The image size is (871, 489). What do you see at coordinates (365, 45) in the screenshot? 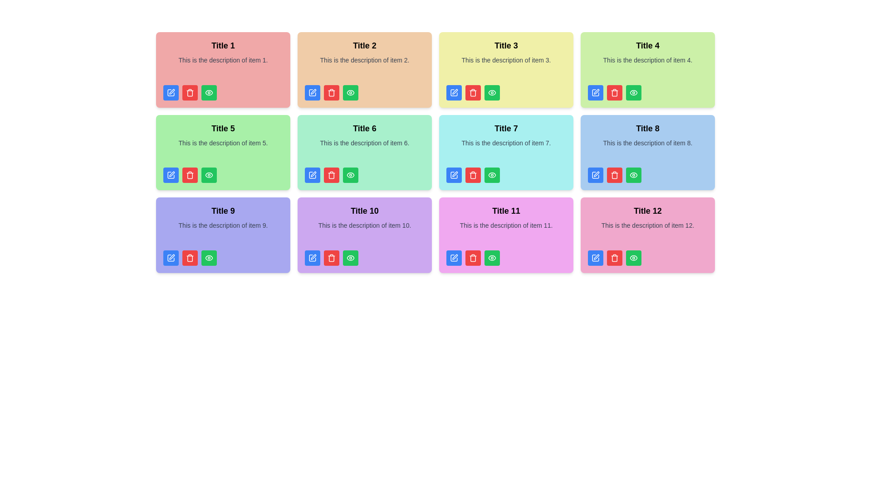
I see `the 'Title 2' text label, which serves as the title of the card and is located at the top-center of a light beige card in the second column of the first row` at bounding box center [365, 45].